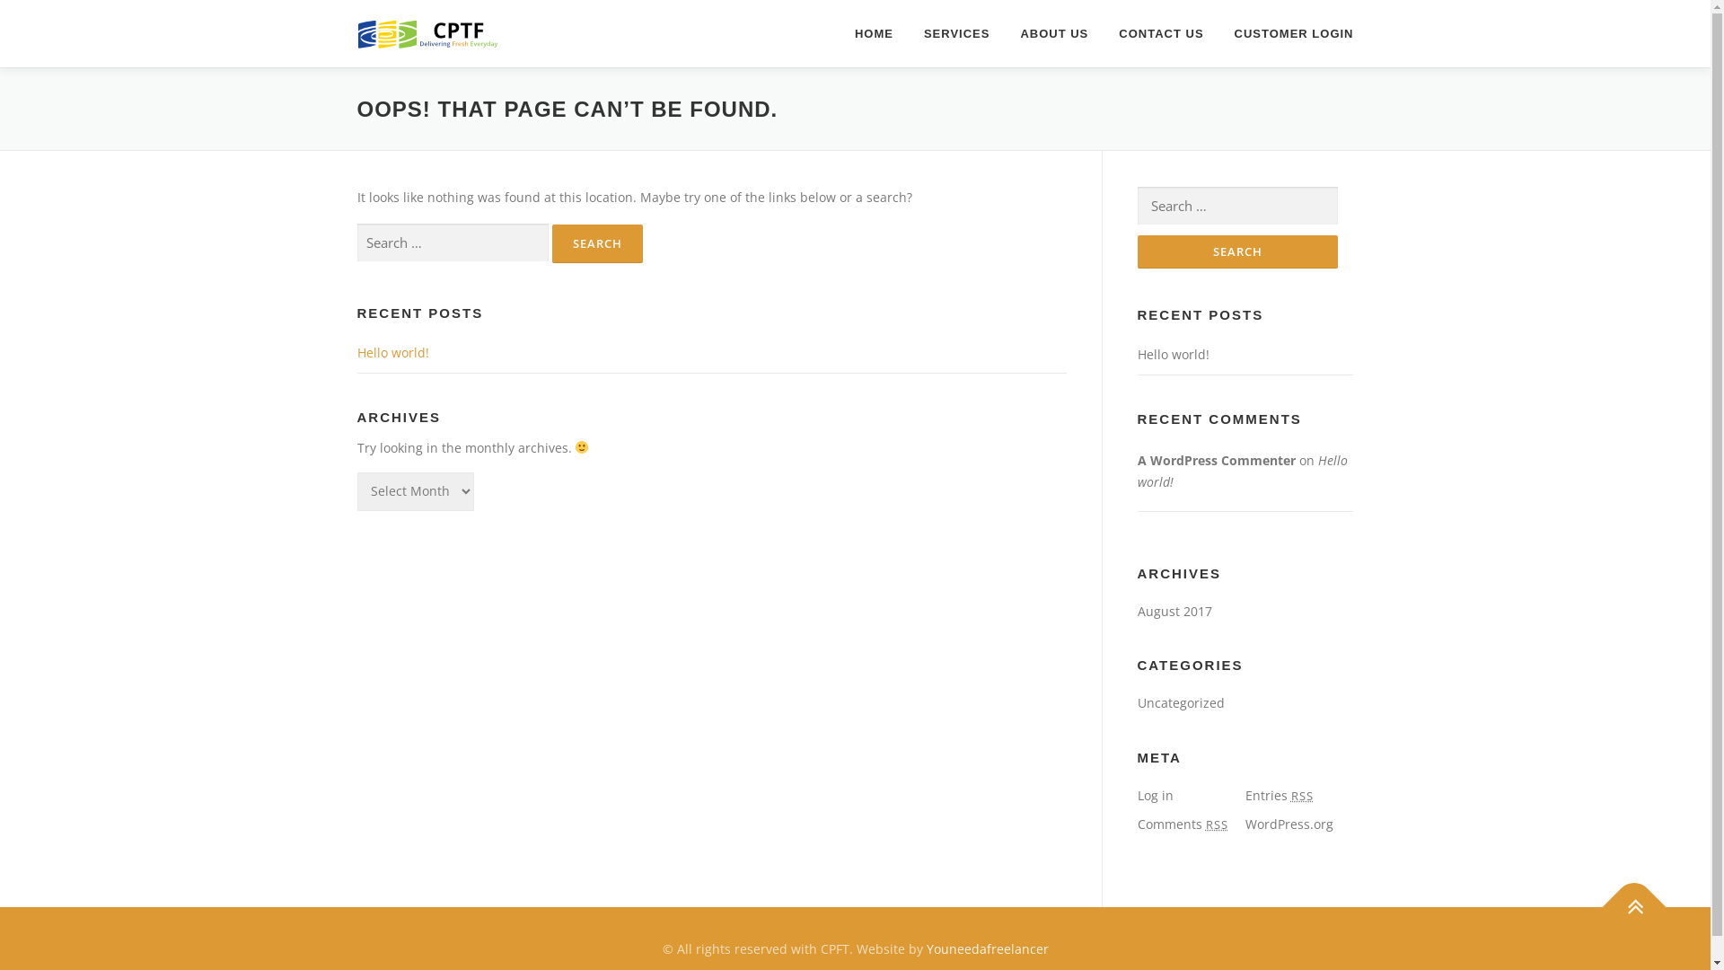  I want to click on 'Uncategorized', so click(1180, 701).